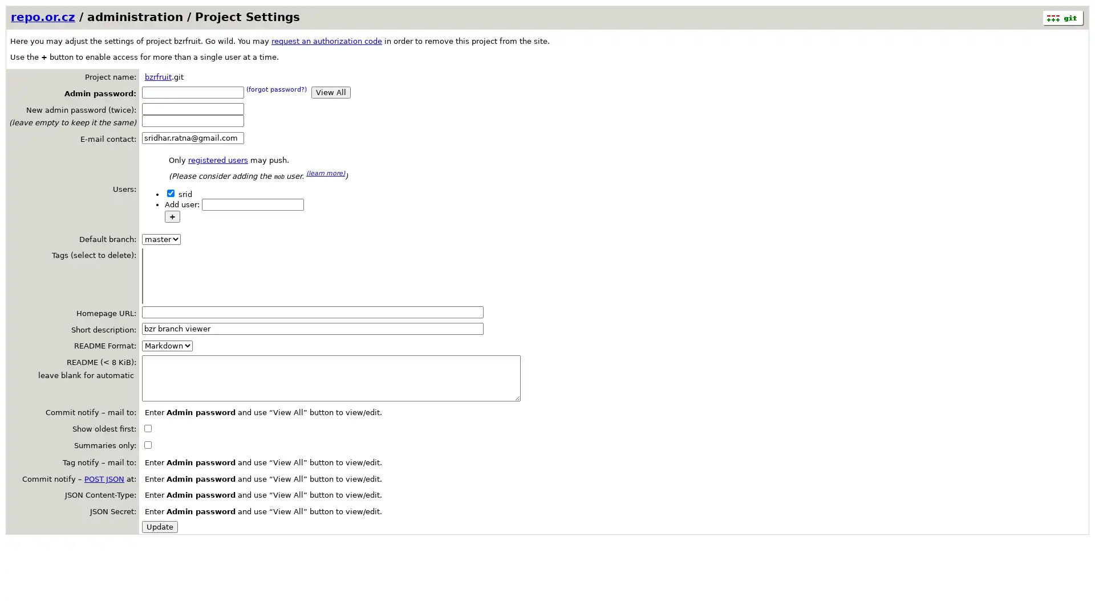 This screenshot has width=1095, height=615. What do you see at coordinates (159, 526) in the screenshot?
I see `Update` at bounding box center [159, 526].